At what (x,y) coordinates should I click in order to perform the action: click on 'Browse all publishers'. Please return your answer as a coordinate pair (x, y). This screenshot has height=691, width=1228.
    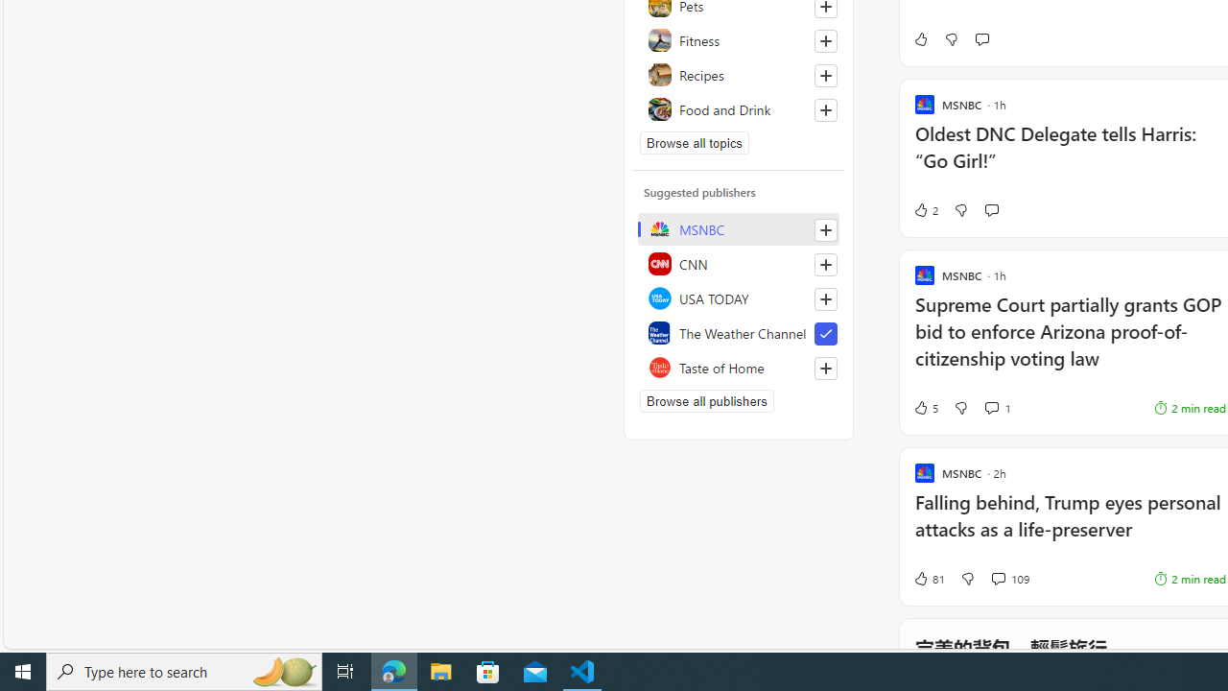
    Looking at the image, I should click on (705, 399).